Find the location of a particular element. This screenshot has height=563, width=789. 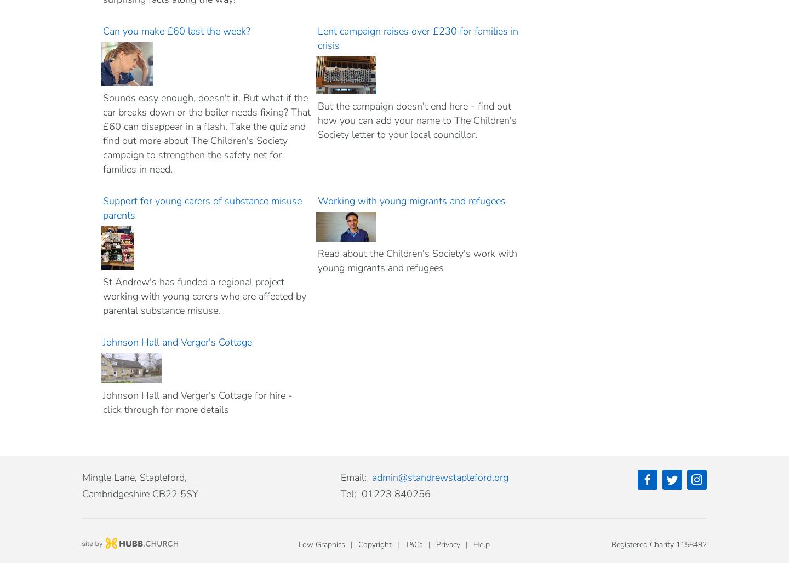

'standrewstapleford' is located at coordinates (407, 476).